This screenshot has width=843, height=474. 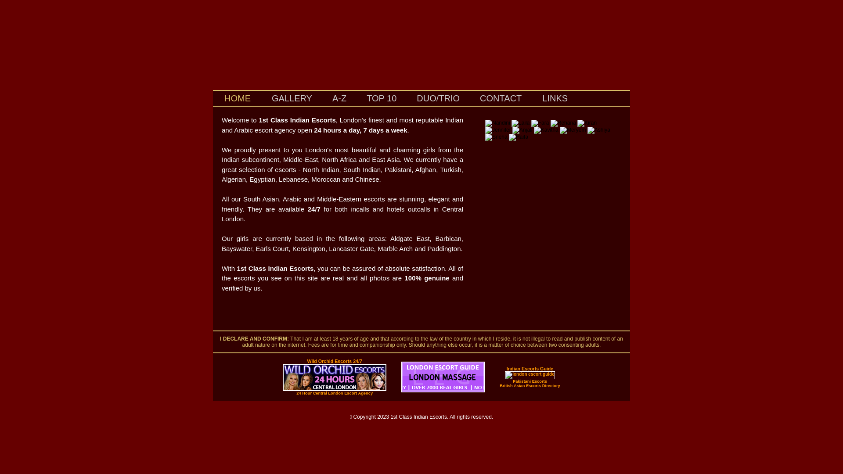 What do you see at coordinates (339, 99) in the screenshot?
I see `'A-Z'` at bounding box center [339, 99].